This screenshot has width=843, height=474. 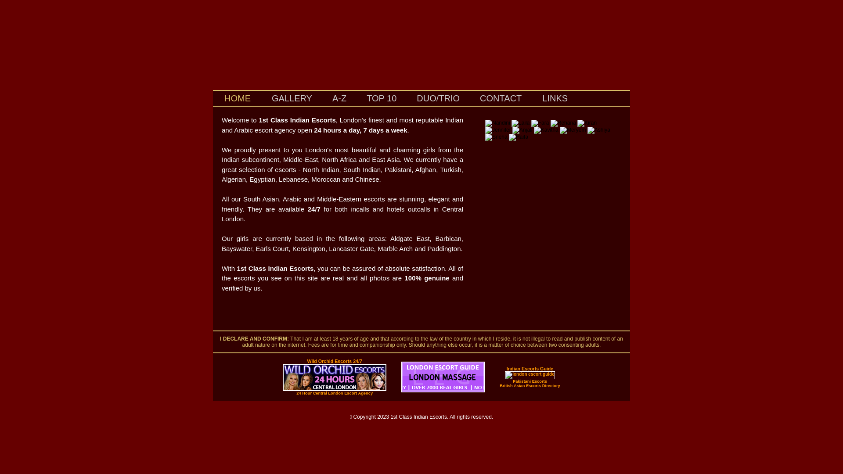 What do you see at coordinates (339, 99) in the screenshot?
I see `'A-Z'` at bounding box center [339, 99].